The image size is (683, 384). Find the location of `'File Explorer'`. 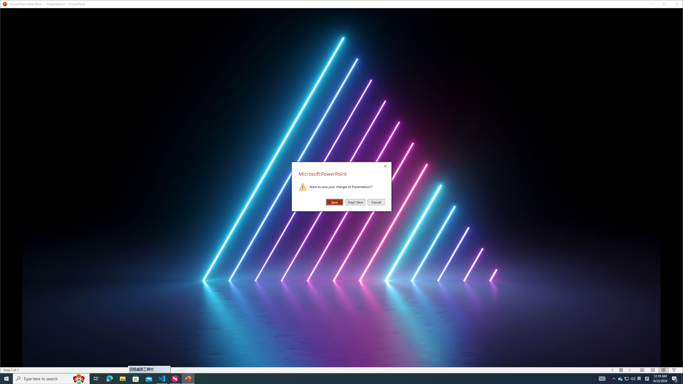

'File Explorer' is located at coordinates (122, 378).